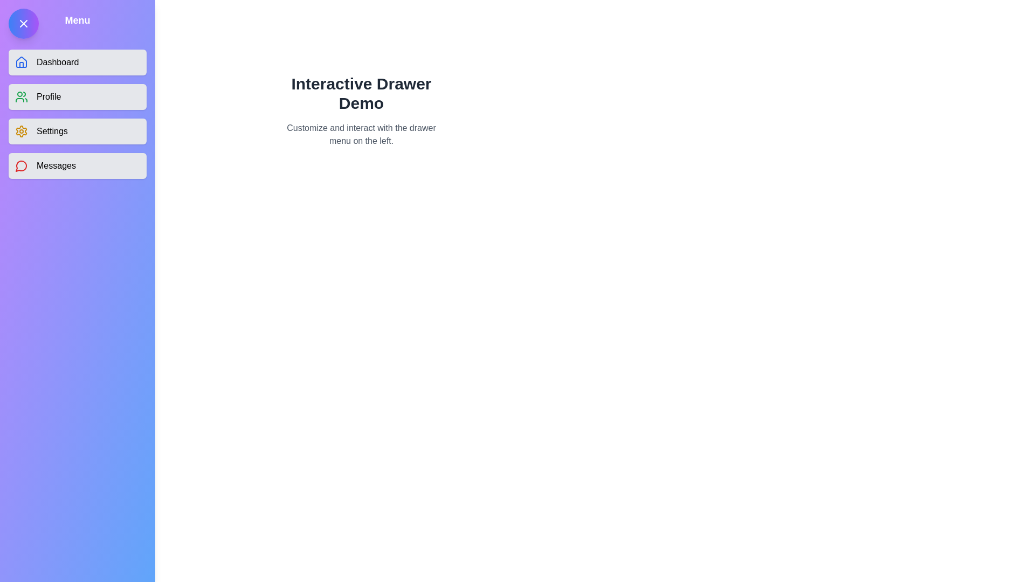  I want to click on the menu item Dashboard from the drawer, so click(77, 62).